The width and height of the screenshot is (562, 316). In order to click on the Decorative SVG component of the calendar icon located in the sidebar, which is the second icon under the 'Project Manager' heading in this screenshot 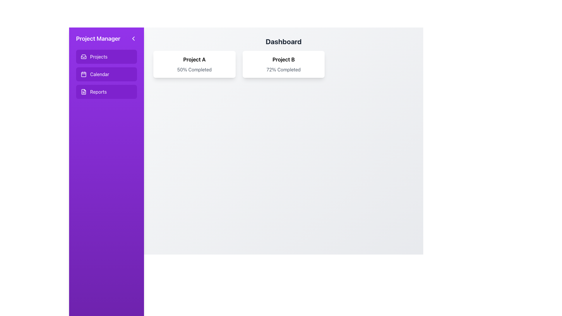, I will do `click(83, 74)`.